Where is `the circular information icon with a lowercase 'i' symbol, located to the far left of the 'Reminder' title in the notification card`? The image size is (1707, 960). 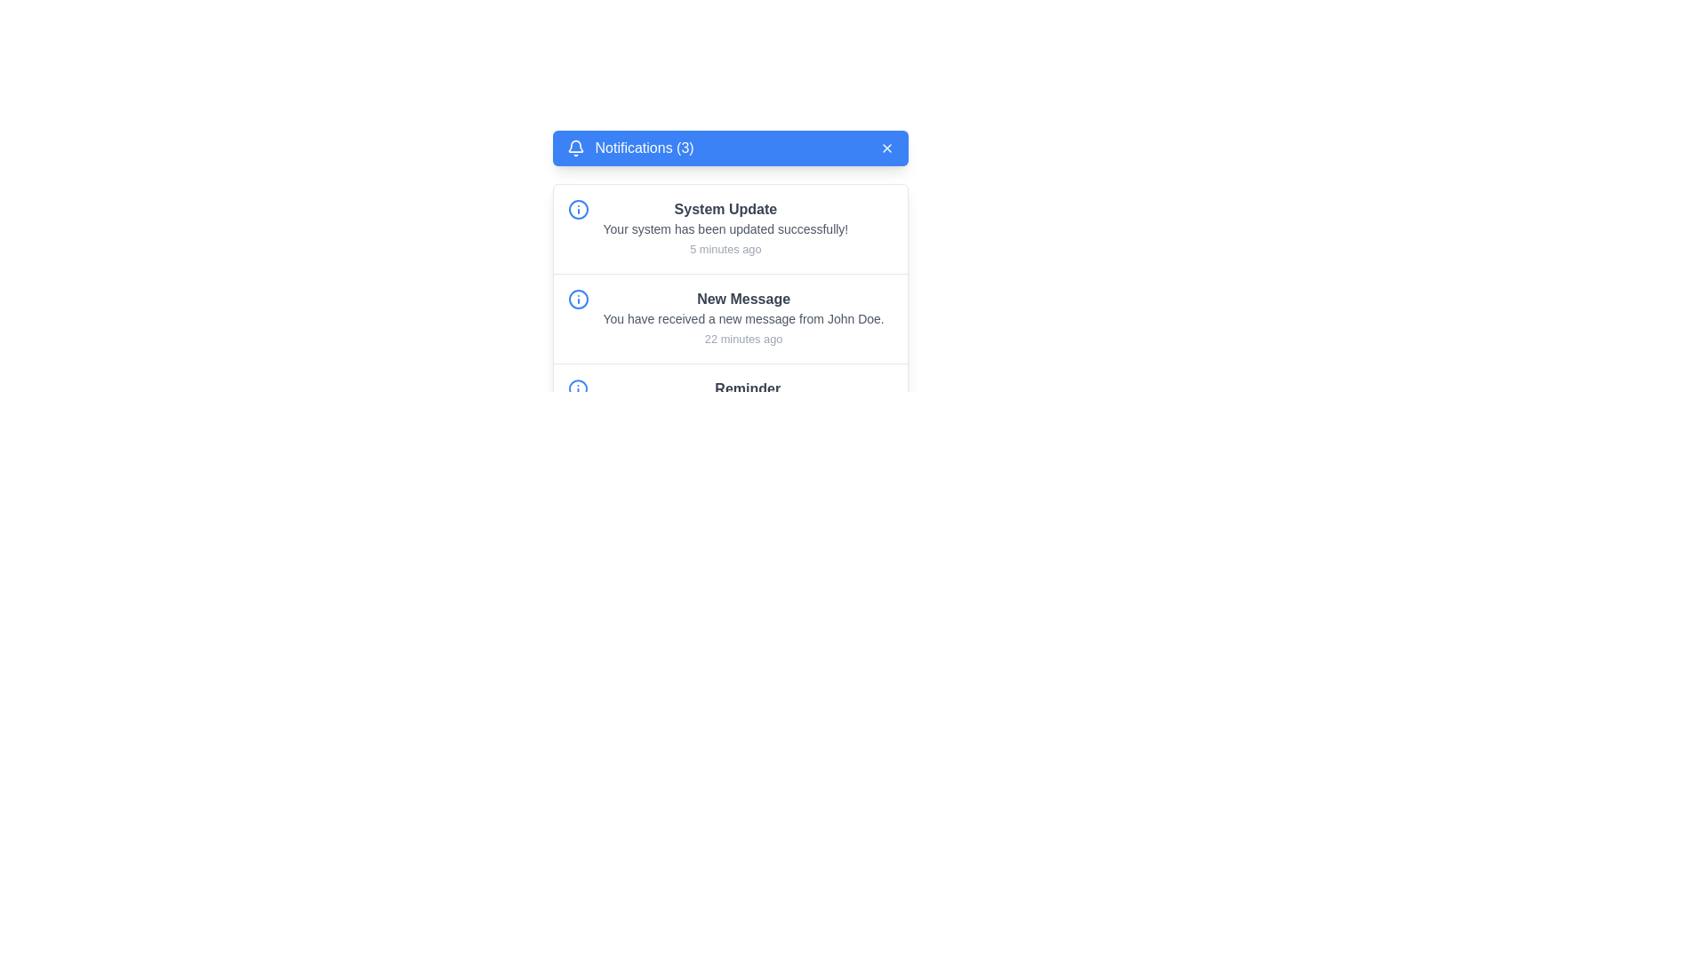
the circular information icon with a lowercase 'i' symbol, located to the far left of the 'Reminder' title in the notification card is located at coordinates (578, 388).